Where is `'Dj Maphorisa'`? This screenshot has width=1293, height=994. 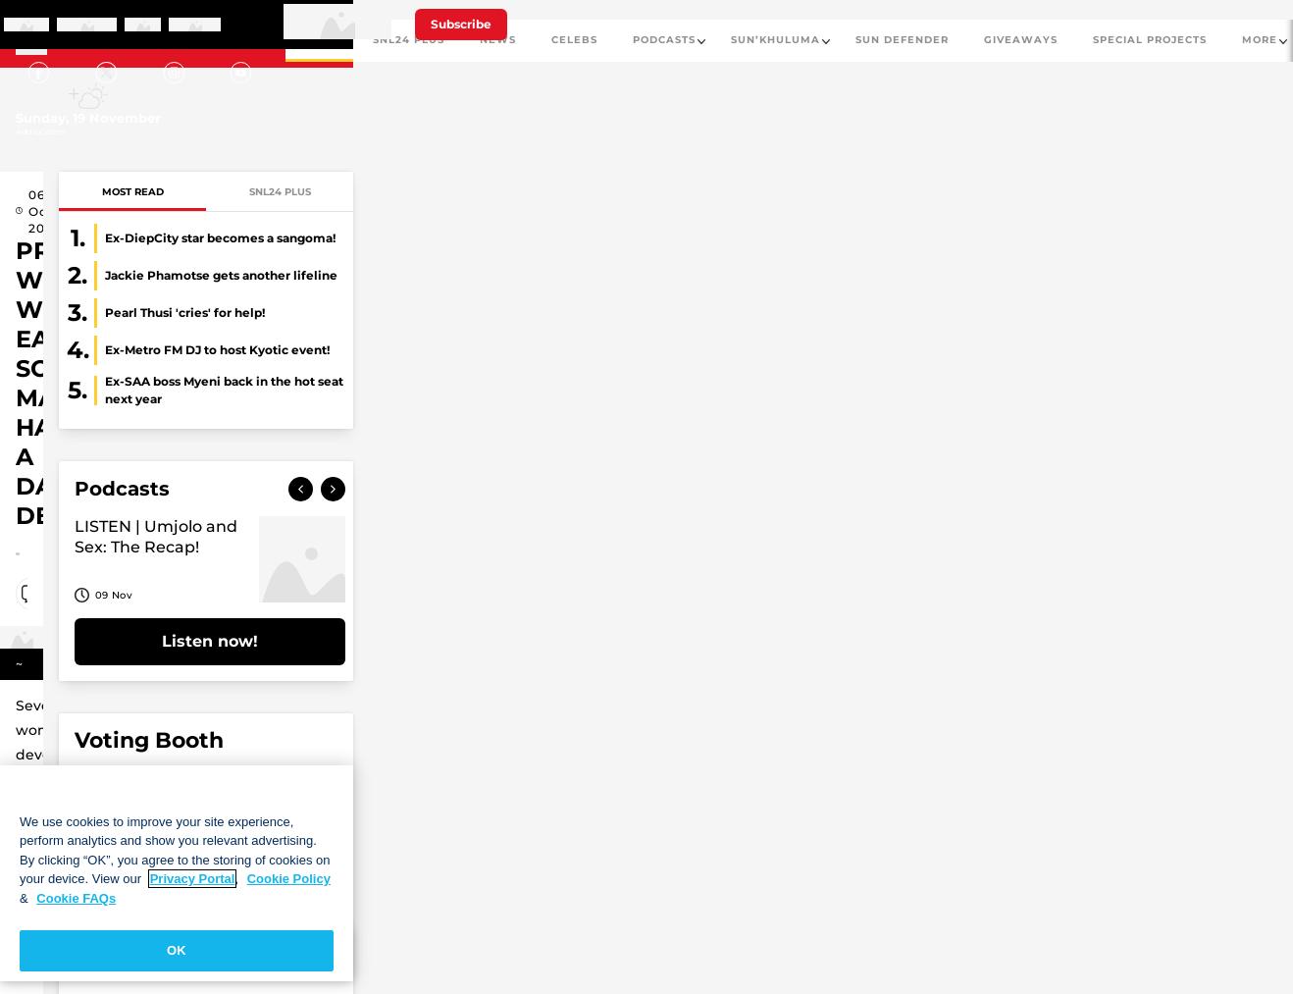 'Dj Maphorisa' is located at coordinates (145, 934).